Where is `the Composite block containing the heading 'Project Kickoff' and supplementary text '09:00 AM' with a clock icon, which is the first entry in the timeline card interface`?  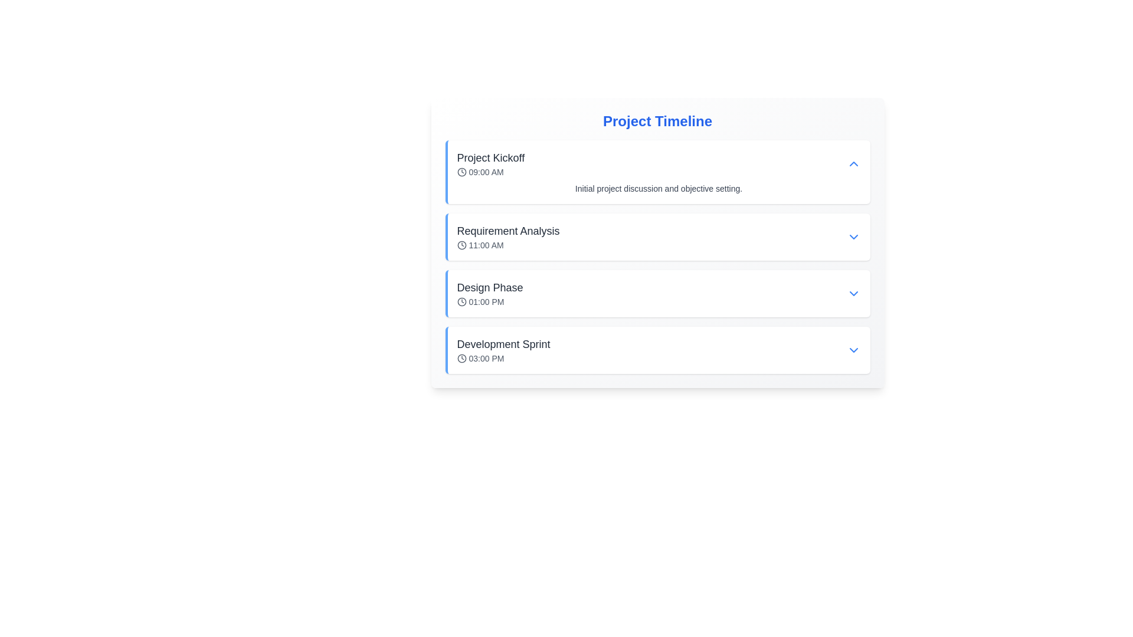
the Composite block containing the heading 'Project Kickoff' and supplementary text '09:00 AM' with a clock icon, which is the first entry in the timeline card interface is located at coordinates (490, 163).